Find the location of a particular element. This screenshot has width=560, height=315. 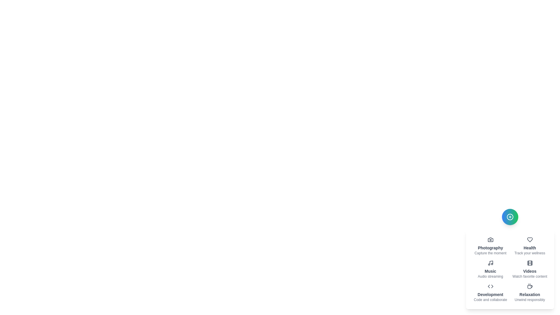

the item labeled 'Music' to observe its hover effect is located at coordinates (490, 269).